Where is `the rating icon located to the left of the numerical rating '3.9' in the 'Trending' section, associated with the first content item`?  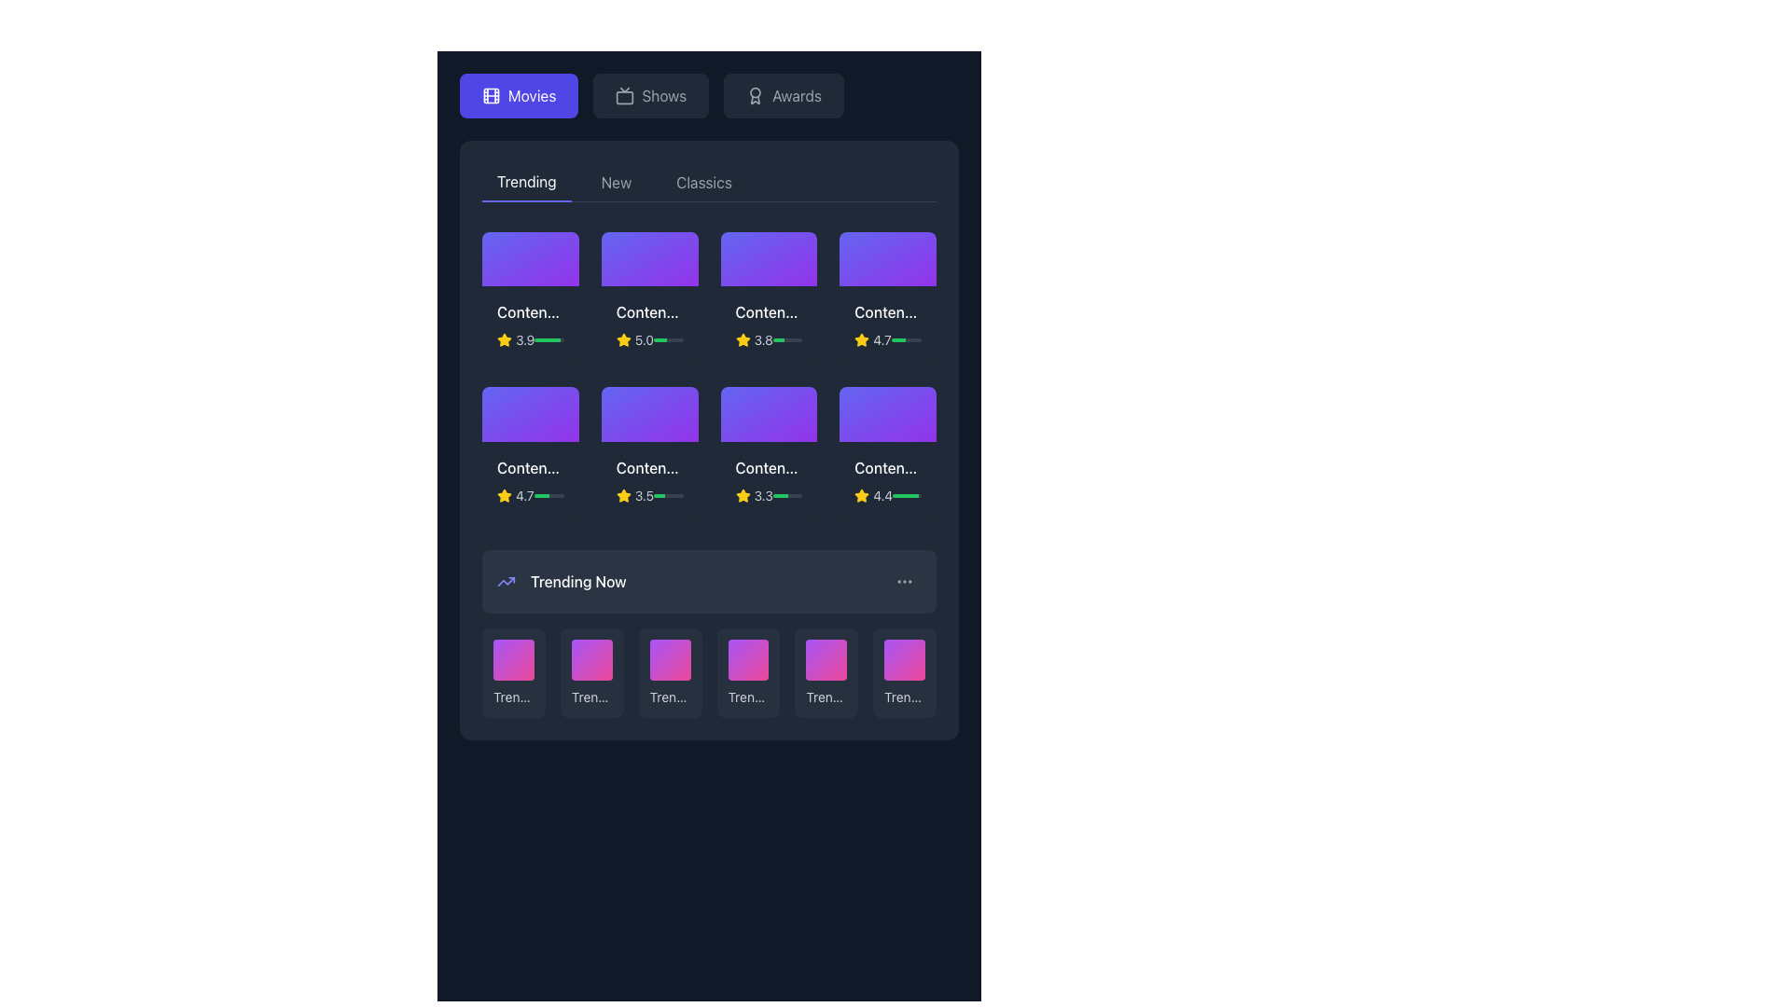
the rating icon located to the left of the numerical rating '3.9' in the 'Trending' section, associated with the first content item is located at coordinates (505, 340).